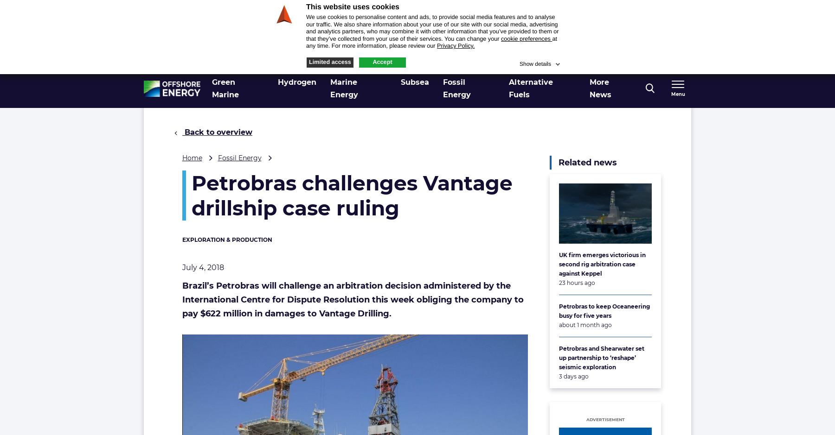 This screenshot has width=835, height=435. Describe the element at coordinates (588, 162) in the screenshot. I see `'Related news'` at that location.